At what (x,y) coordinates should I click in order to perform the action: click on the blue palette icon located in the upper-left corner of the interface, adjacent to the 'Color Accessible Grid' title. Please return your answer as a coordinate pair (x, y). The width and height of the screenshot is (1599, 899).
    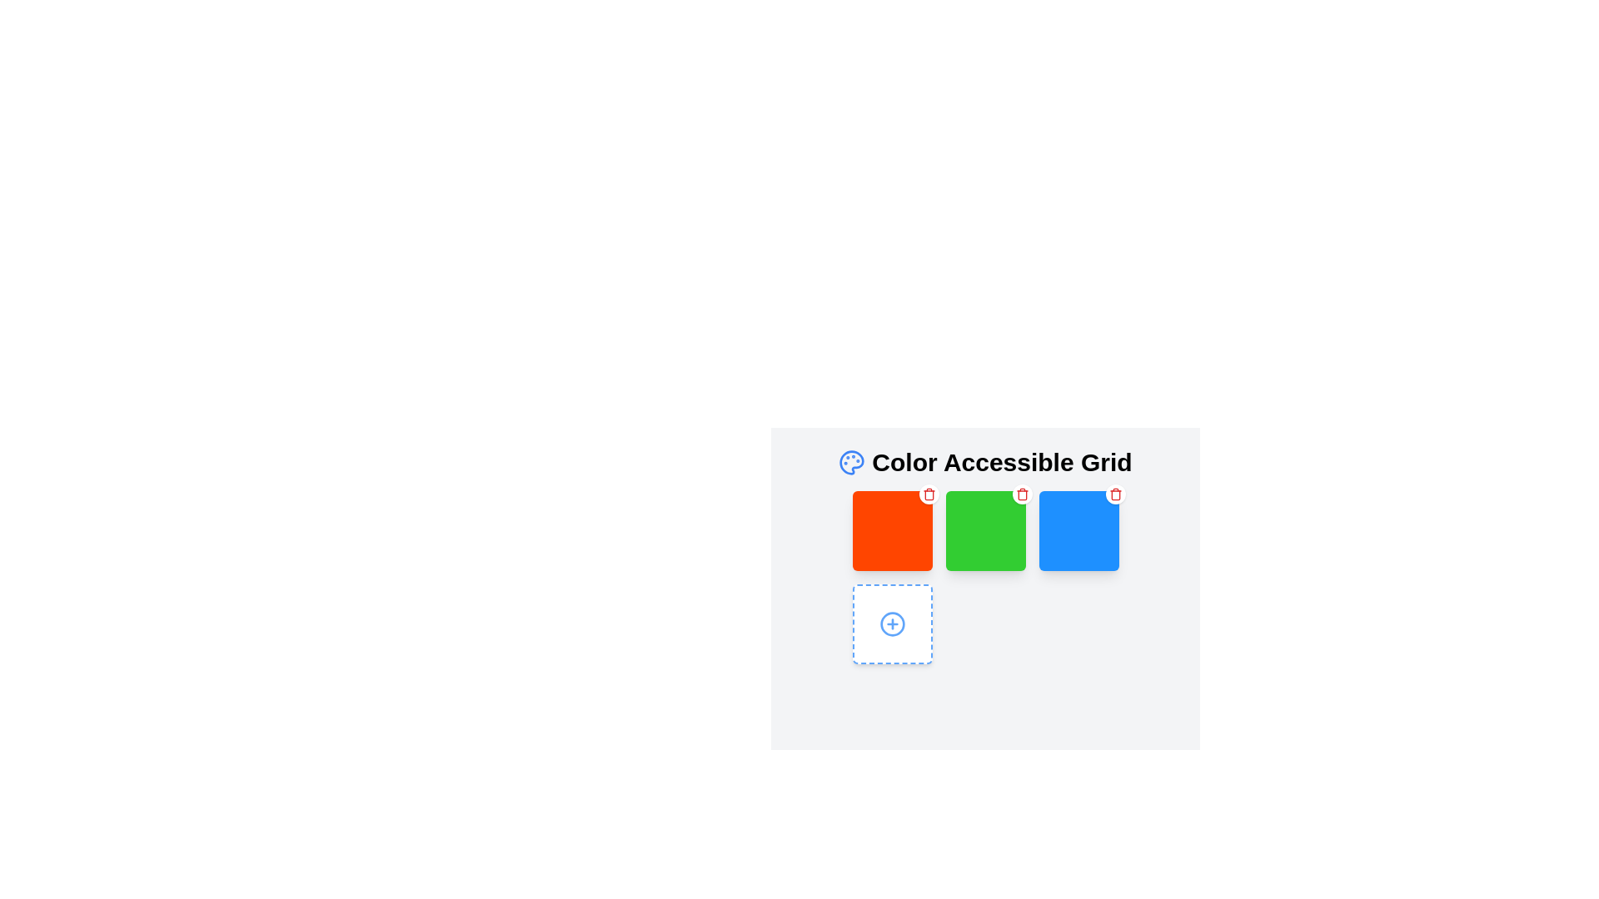
    Looking at the image, I should click on (852, 462).